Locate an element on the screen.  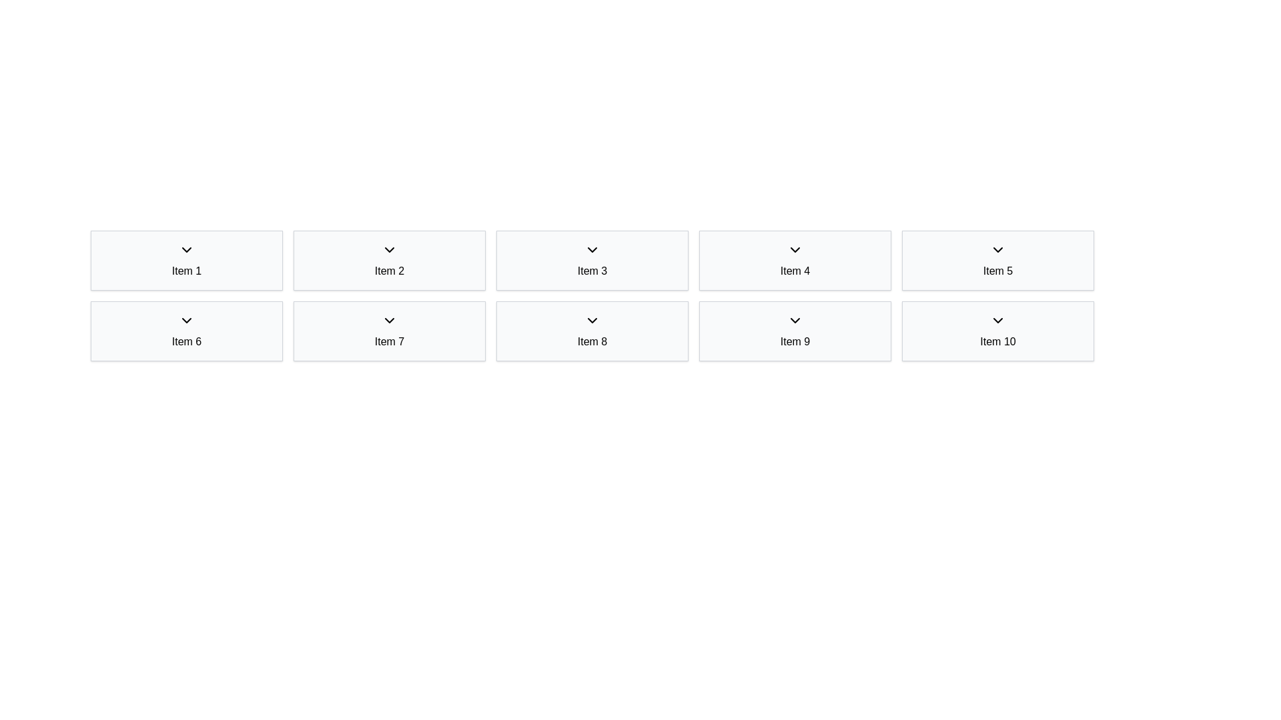
the static text label that identifies the item as 'Item 4', located in the first row, fourth position from the left is located at coordinates (795, 271).